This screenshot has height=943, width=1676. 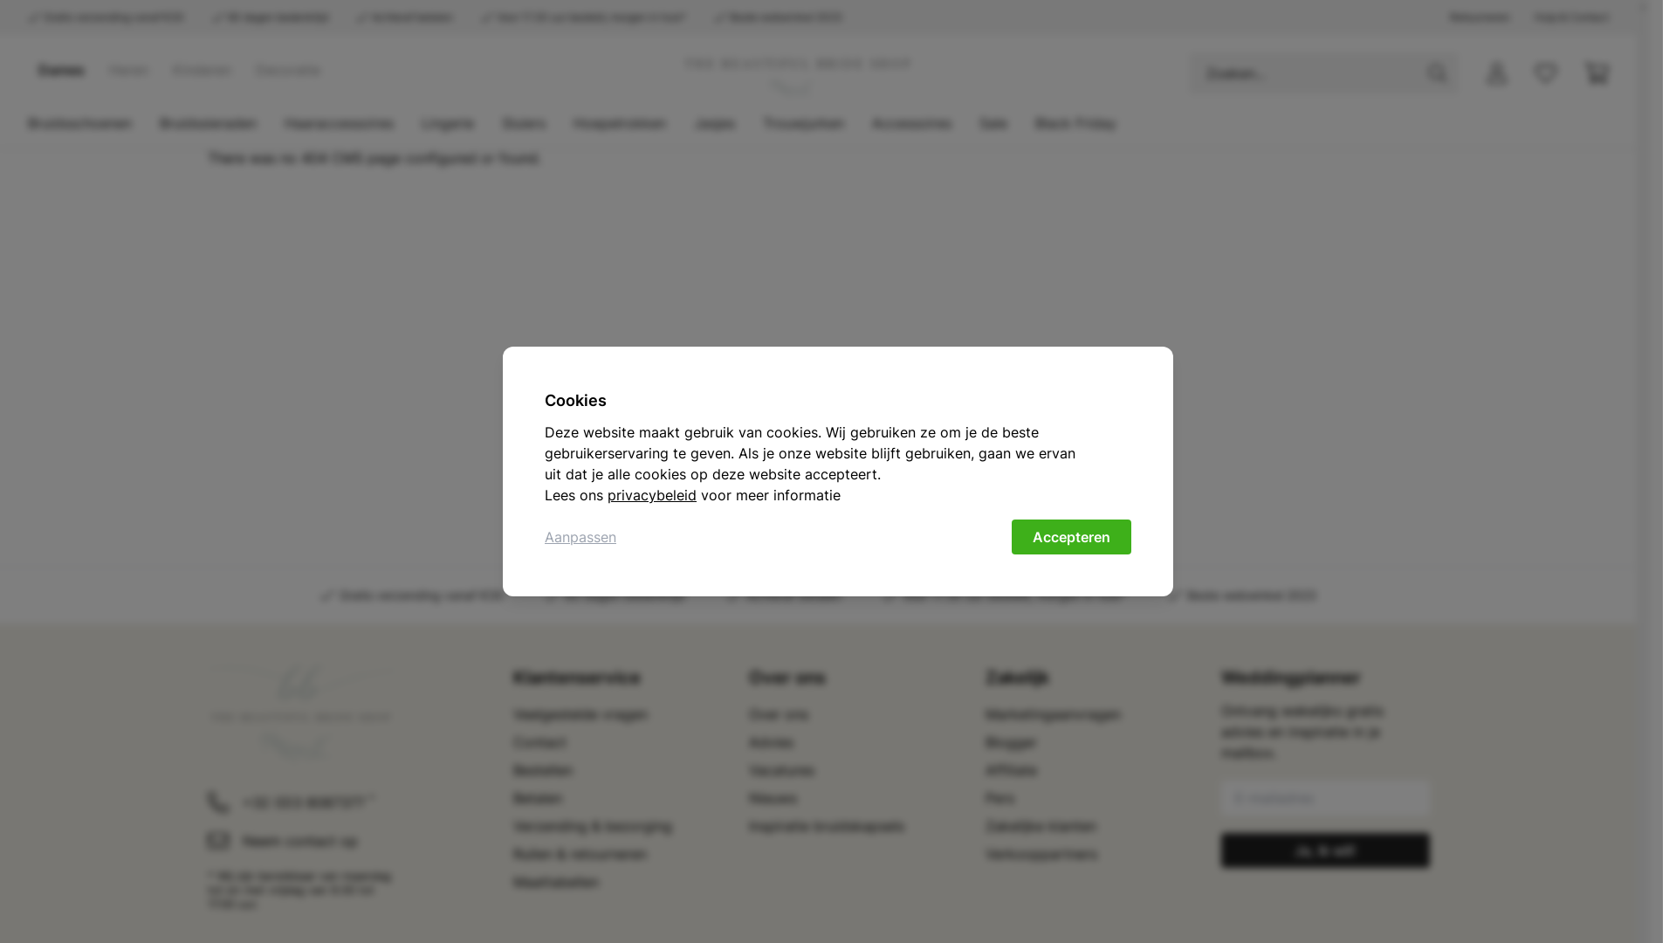 What do you see at coordinates (583, 17) in the screenshot?
I see `'Voor 17.30 uur besteld, morgen in huis*'` at bounding box center [583, 17].